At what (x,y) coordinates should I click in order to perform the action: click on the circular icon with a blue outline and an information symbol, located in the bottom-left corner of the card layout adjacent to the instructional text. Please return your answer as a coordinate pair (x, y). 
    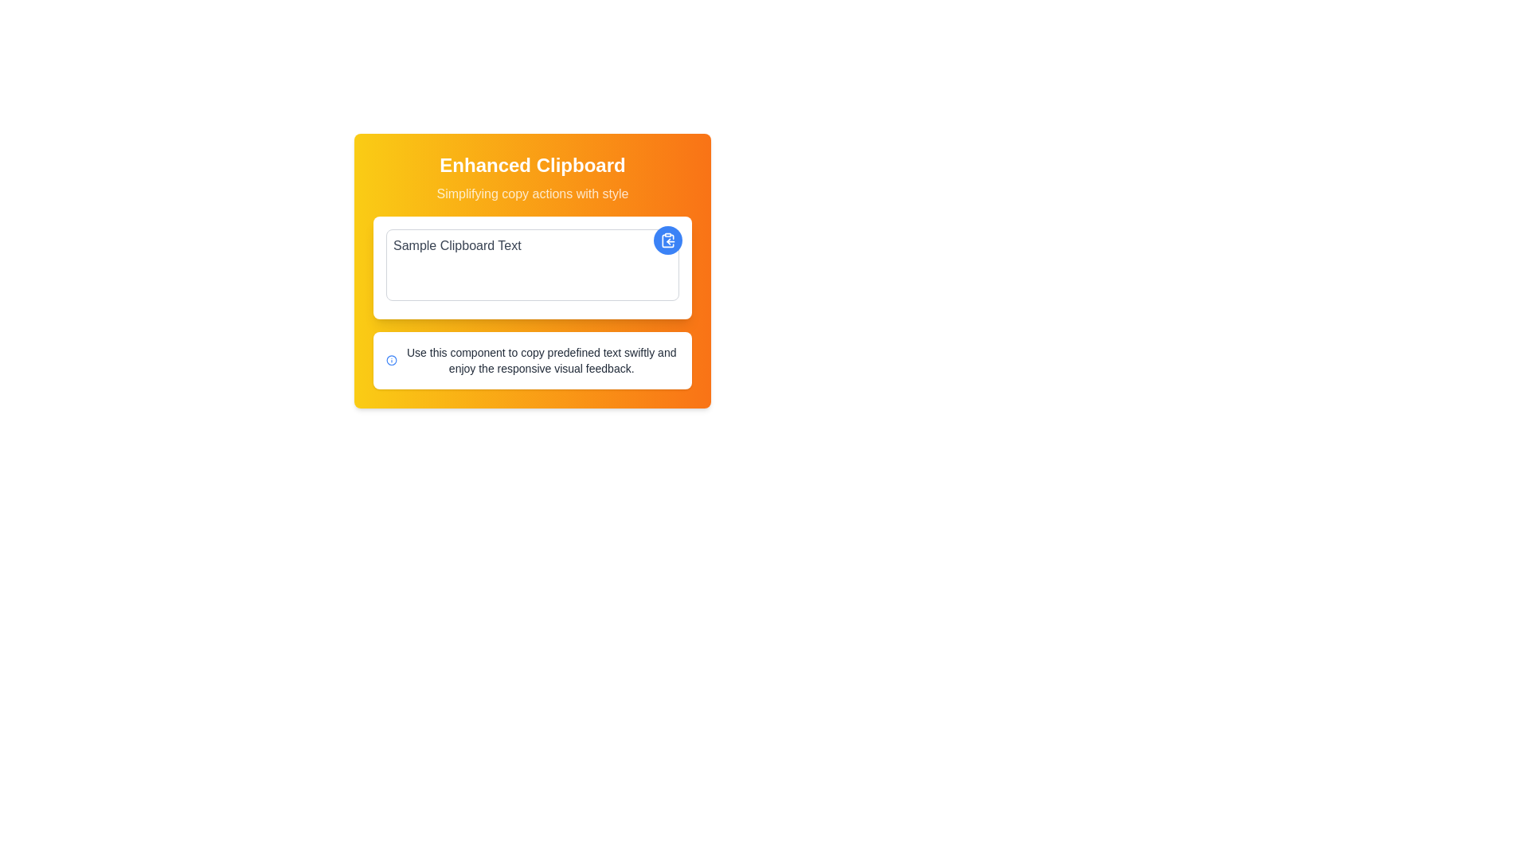
    Looking at the image, I should click on (392, 360).